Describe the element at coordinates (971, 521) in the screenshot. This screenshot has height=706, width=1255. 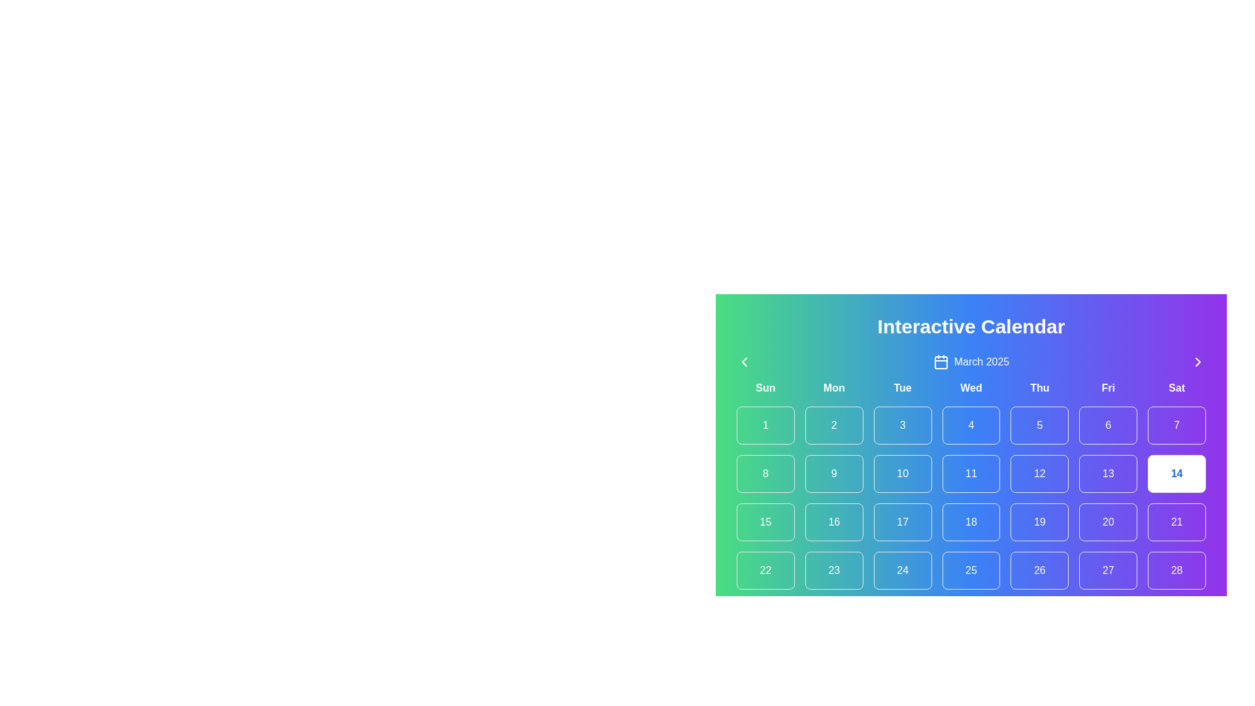
I see `the button representing the date 18th in the calendar interface` at that location.